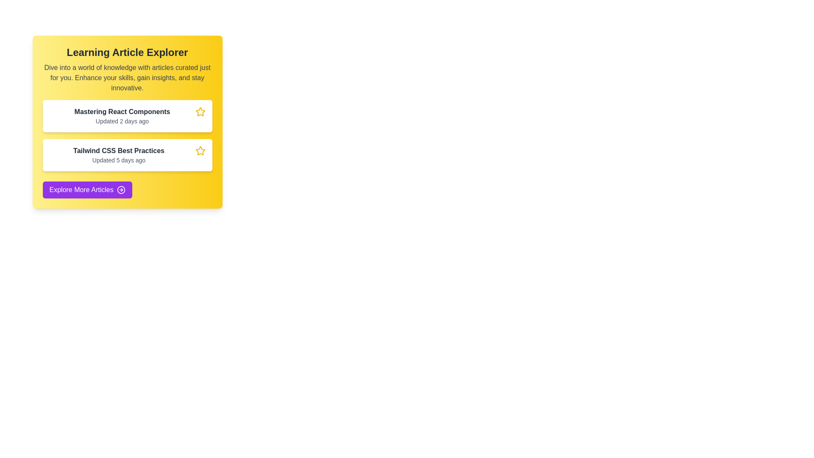 This screenshot has width=814, height=458. Describe the element at coordinates (200, 111) in the screenshot. I see `the star icon located to the far right of the title 'Mastering React Components' in the 'Learning Article Explorer' section, which serves as a visual indicator for marking items as important or favoriting` at that location.